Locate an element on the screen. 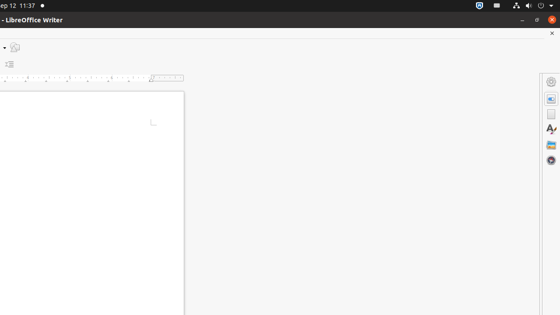 Image resolution: width=560 pixels, height=315 pixels. 'Styles' is located at coordinates (551, 129).